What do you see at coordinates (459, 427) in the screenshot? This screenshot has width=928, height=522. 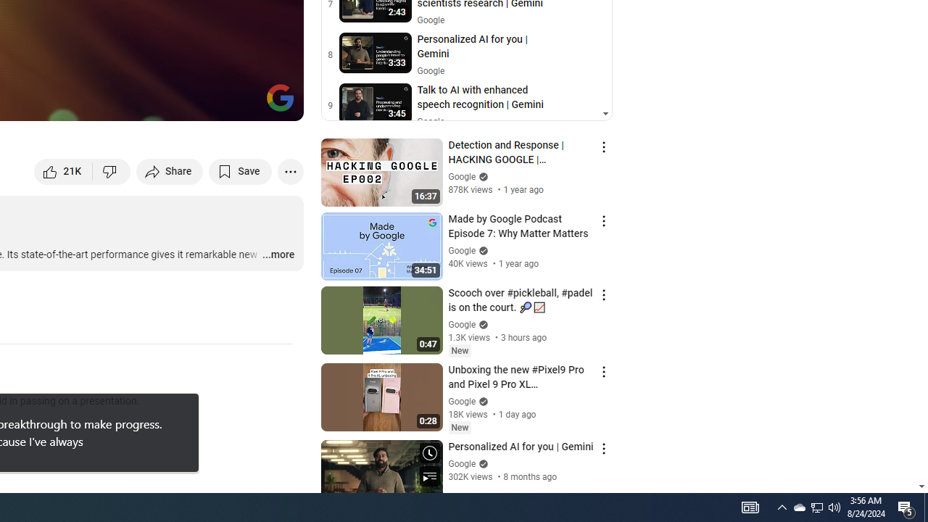 I see `'New'` at bounding box center [459, 427].